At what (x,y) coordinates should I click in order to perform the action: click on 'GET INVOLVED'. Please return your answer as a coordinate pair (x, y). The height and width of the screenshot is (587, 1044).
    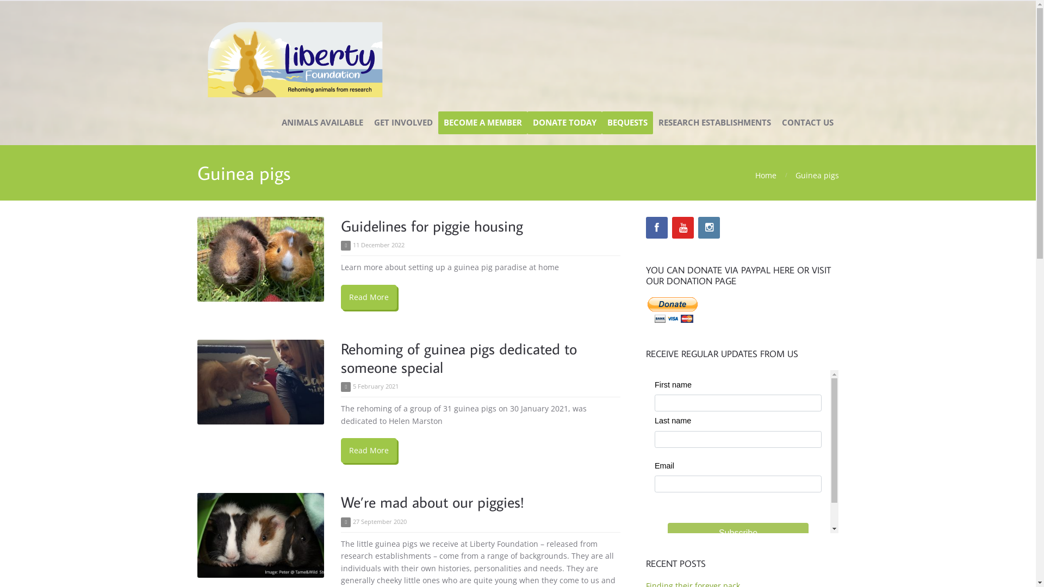
    Looking at the image, I should click on (403, 122).